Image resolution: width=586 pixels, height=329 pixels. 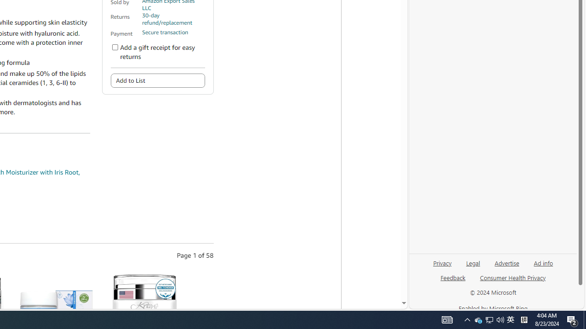 I want to click on 'Feedback', so click(x=453, y=281).